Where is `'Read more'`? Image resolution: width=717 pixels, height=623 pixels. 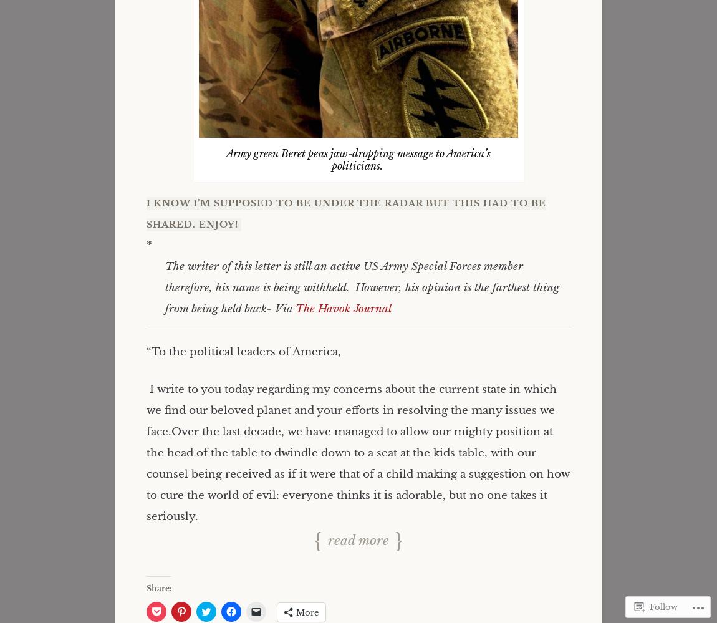
'Read more' is located at coordinates (358, 540).